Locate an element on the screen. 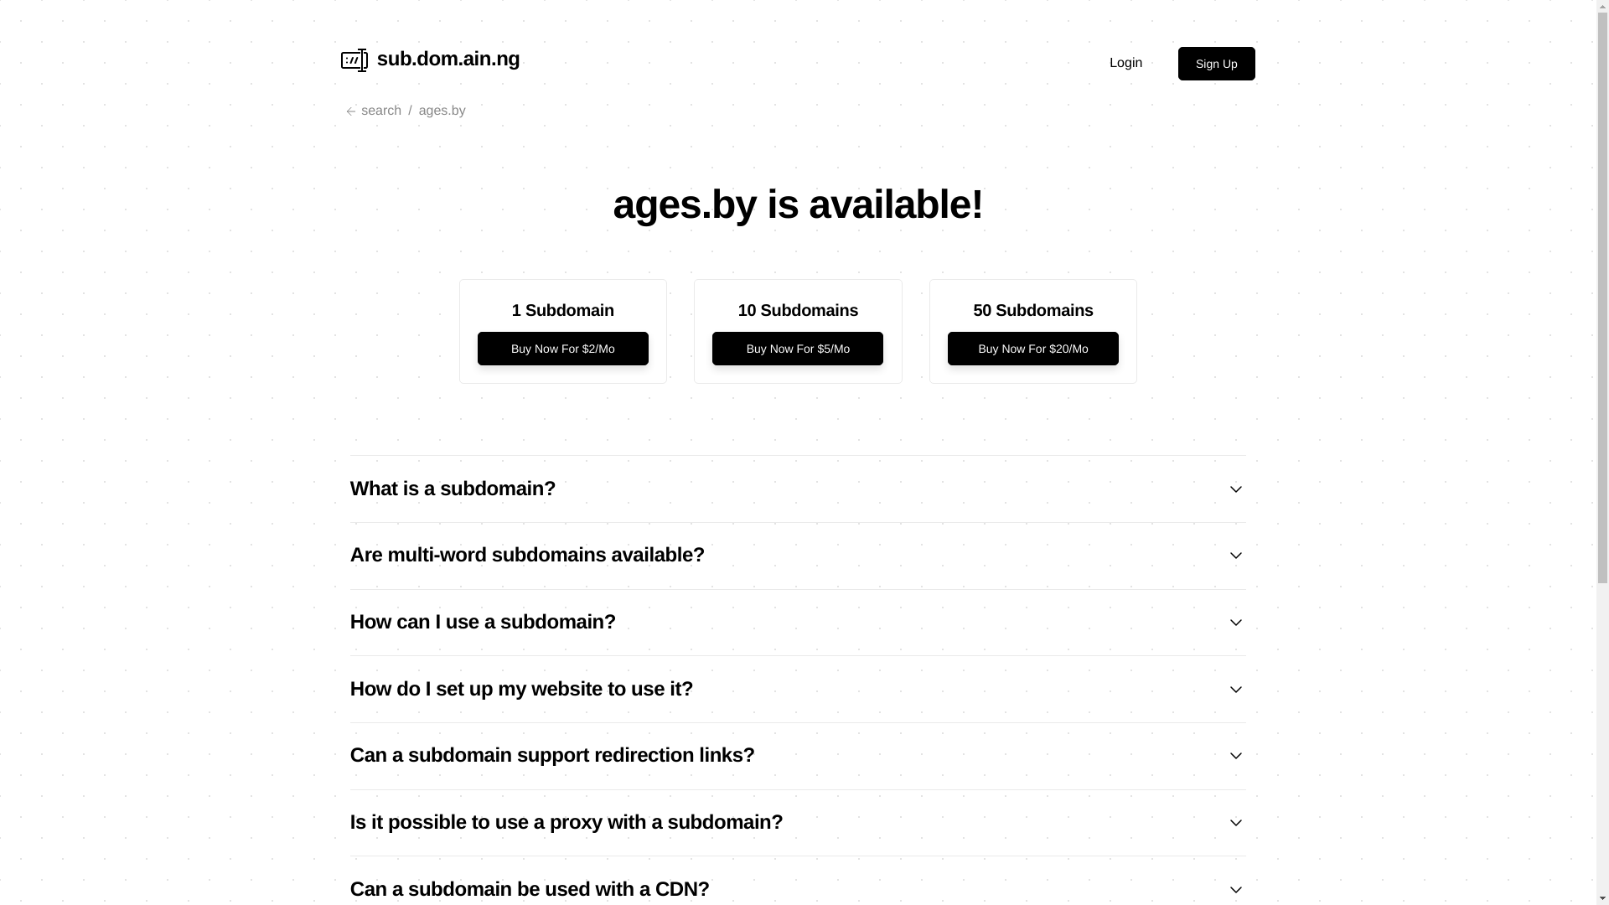 The height and width of the screenshot is (905, 1609). 'Buy Now For $2/Mo' is located at coordinates (563, 348).